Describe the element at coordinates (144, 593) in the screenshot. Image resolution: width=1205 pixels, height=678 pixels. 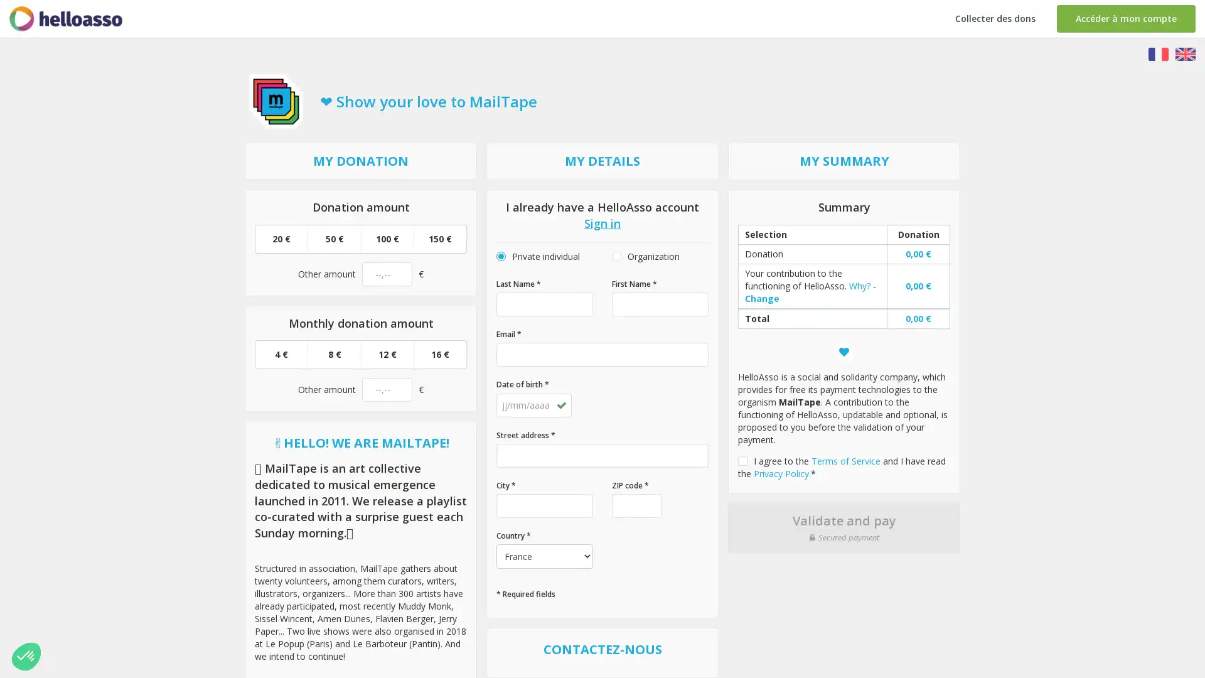
I see `Consentements certifies par` at that location.